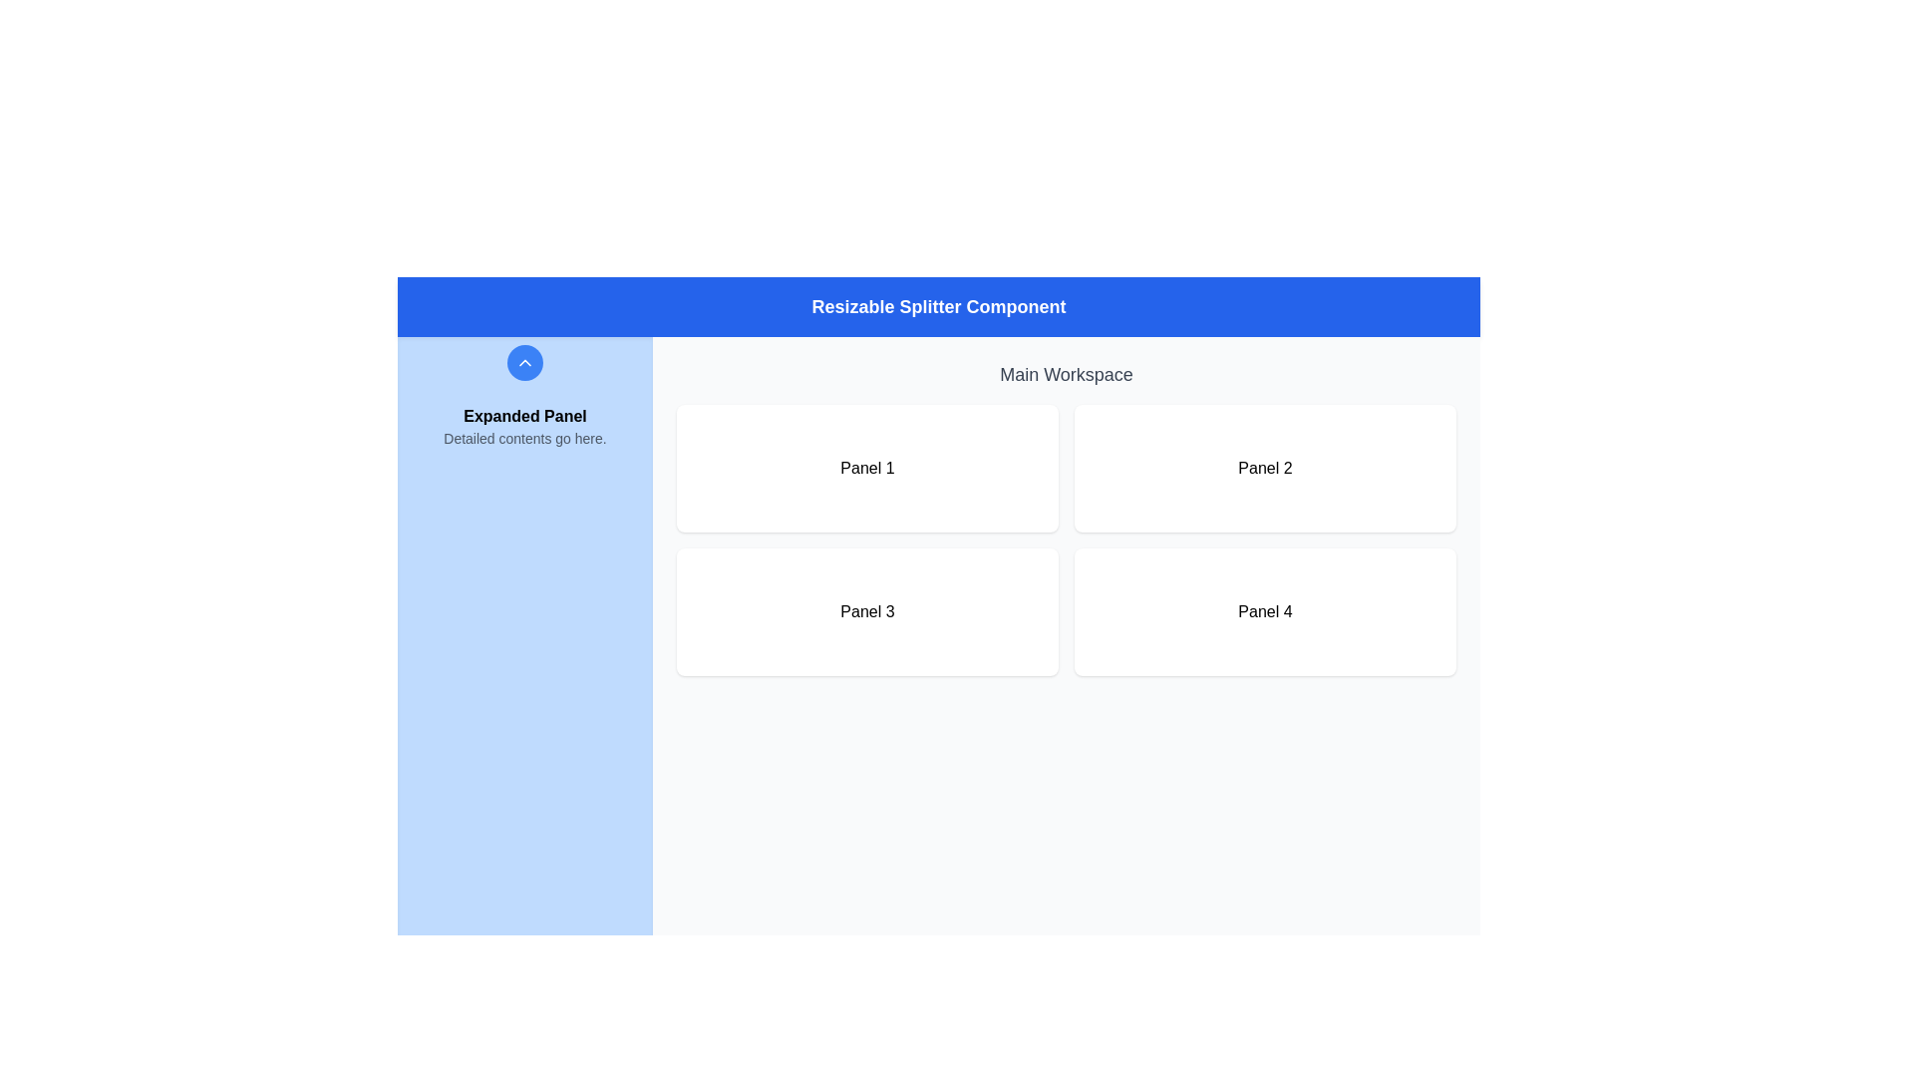 The height and width of the screenshot is (1077, 1914). I want to click on the light gray text label displaying 'Detailed contents go here.' located in the blue sidebar panel under the 'Expanded Panel' header, so click(525, 437).